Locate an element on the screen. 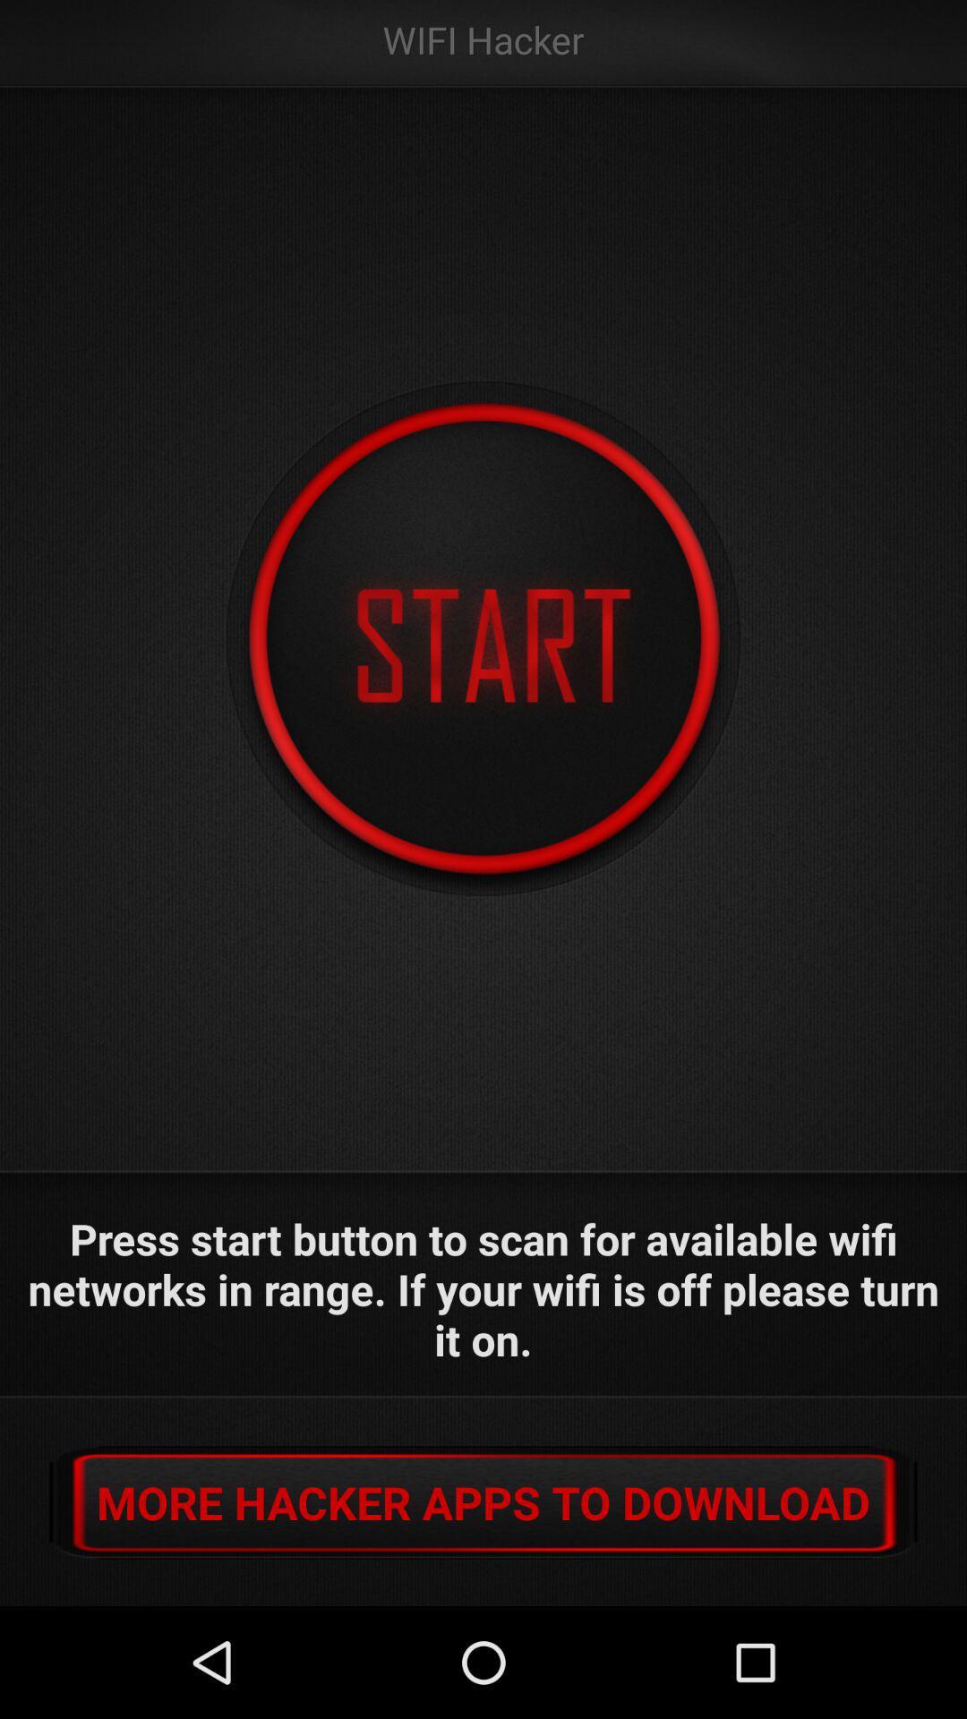 Image resolution: width=967 pixels, height=1719 pixels. start to scan is located at coordinates (483, 639).